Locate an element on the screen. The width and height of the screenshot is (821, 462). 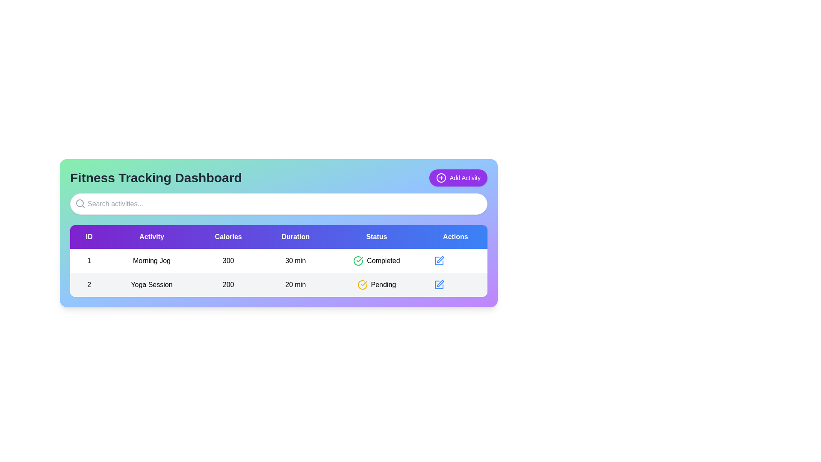
the 'Duration' text label, which is displayed in white font on a purple background and is the fourth item in the header row of a table is located at coordinates (295, 237).